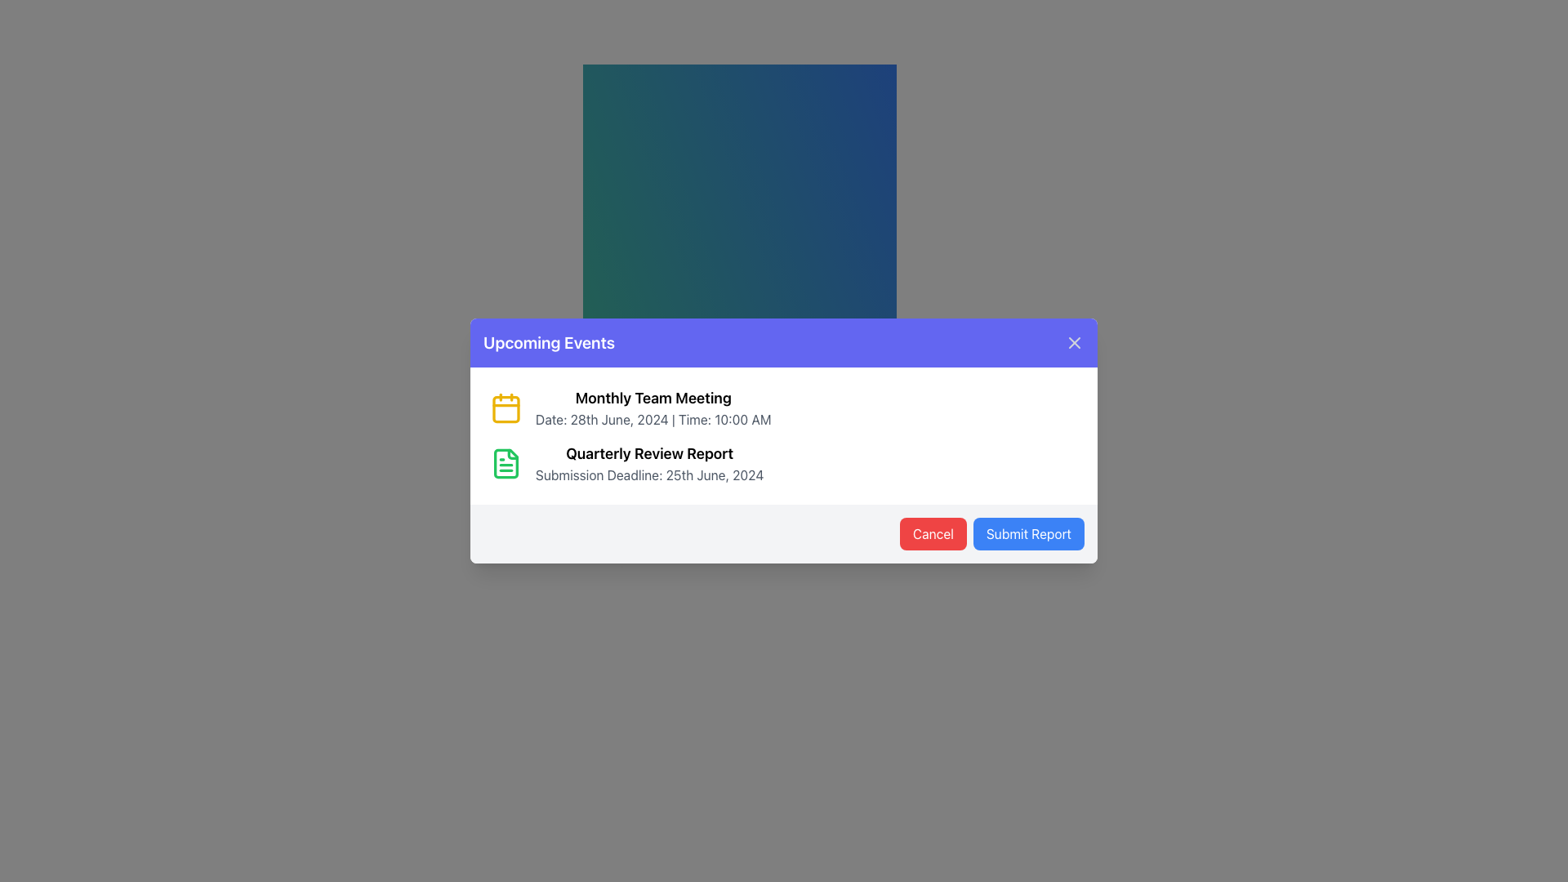 This screenshot has height=882, width=1568. Describe the element at coordinates (505, 463) in the screenshot. I see `the green rectangular icon resembling a document or file` at that location.